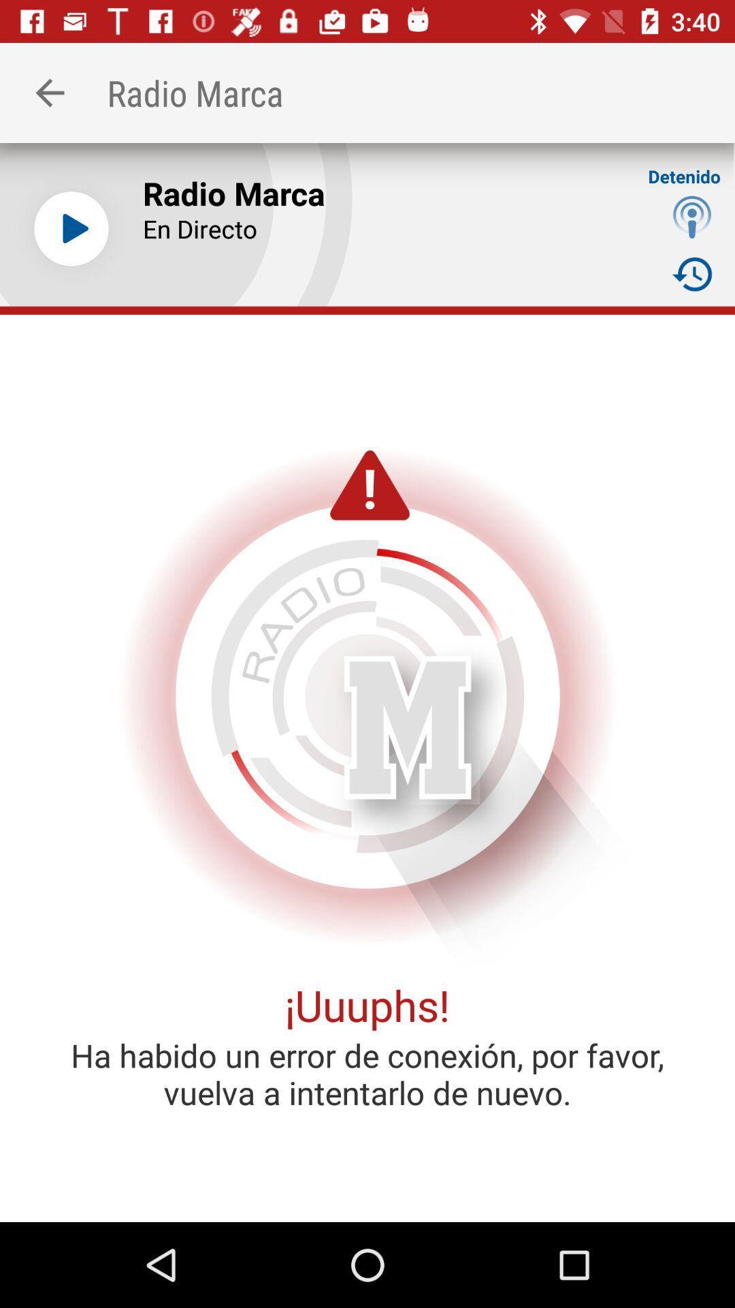 The width and height of the screenshot is (735, 1308). Describe the element at coordinates (692, 216) in the screenshot. I see `item below detenido` at that location.